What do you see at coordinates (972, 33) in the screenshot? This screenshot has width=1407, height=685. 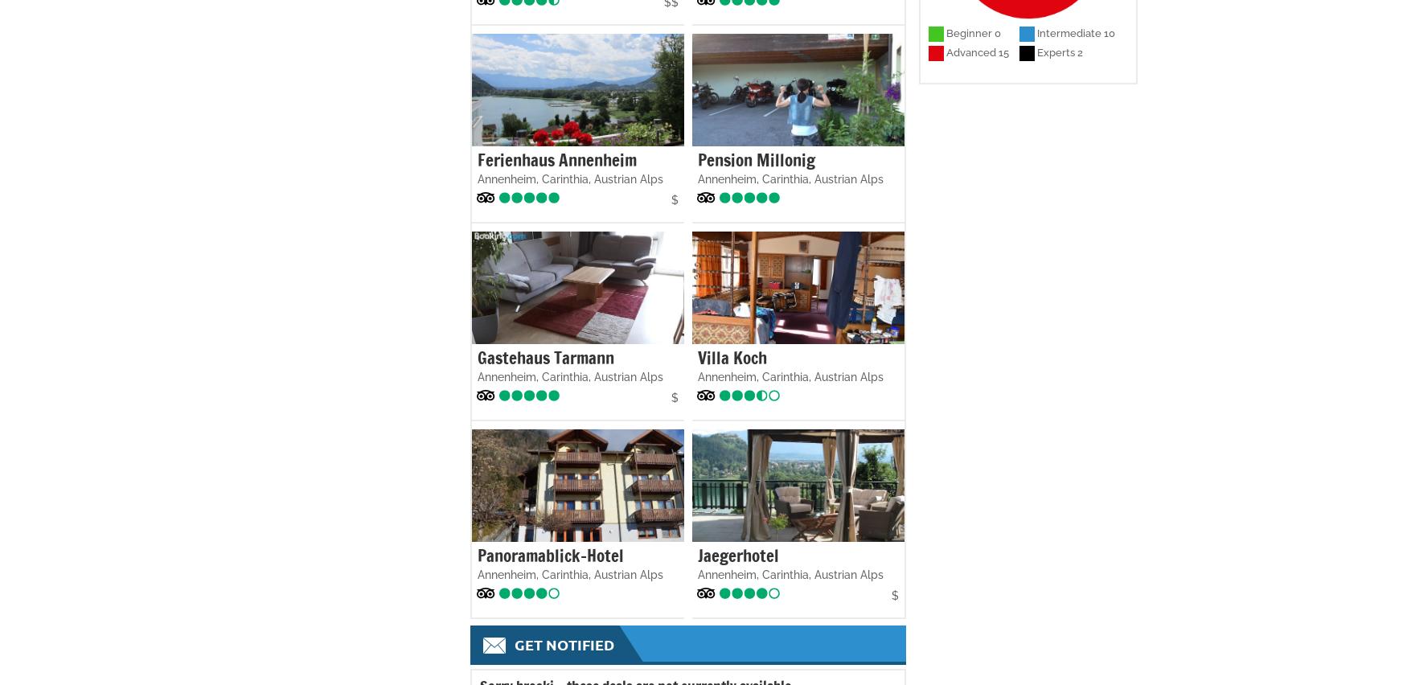 I see `'Beginner 0'` at bounding box center [972, 33].